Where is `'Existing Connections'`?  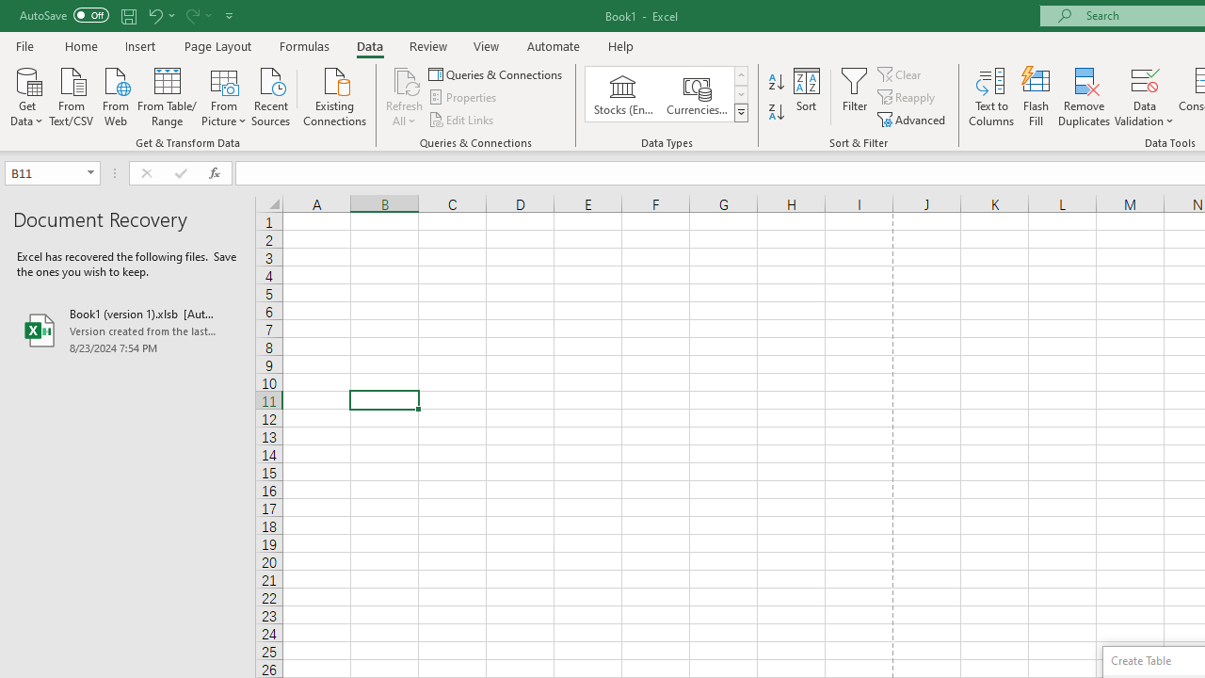 'Existing Connections' is located at coordinates (334, 95).